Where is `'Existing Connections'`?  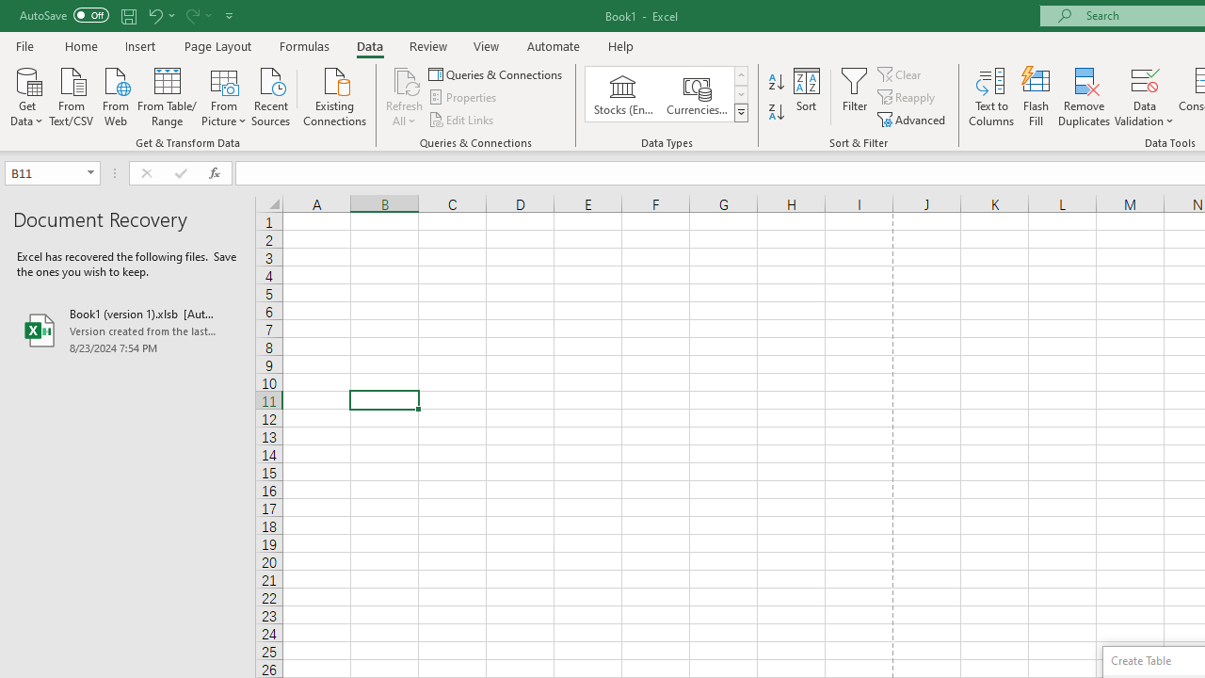 'Existing Connections' is located at coordinates (334, 95).